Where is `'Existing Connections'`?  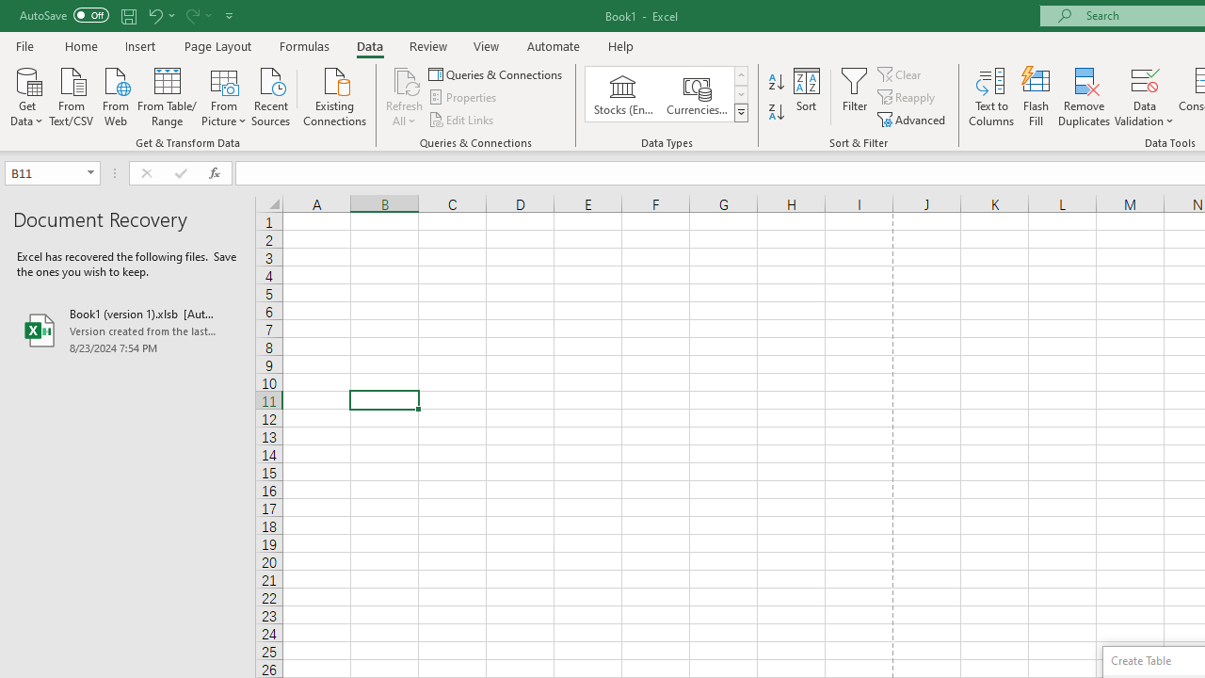 'Existing Connections' is located at coordinates (334, 95).